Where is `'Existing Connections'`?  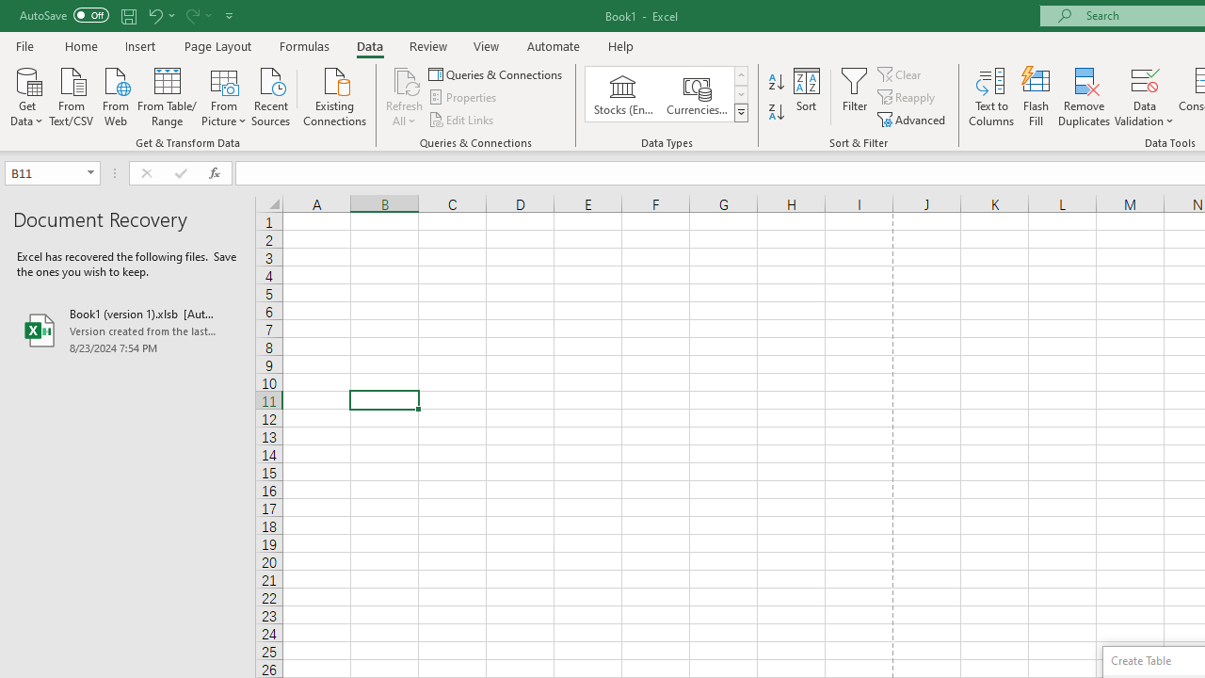 'Existing Connections' is located at coordinates (334, 95).